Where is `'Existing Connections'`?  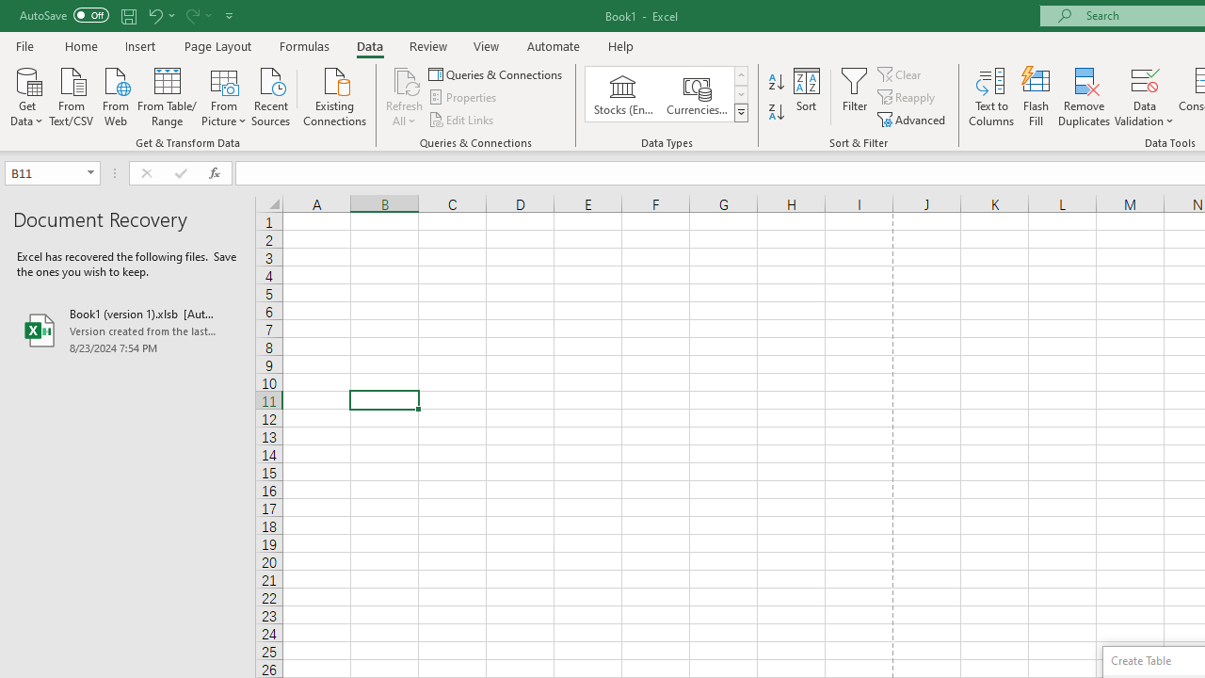 'Existing Connections' is located at coordinates (334, 95).